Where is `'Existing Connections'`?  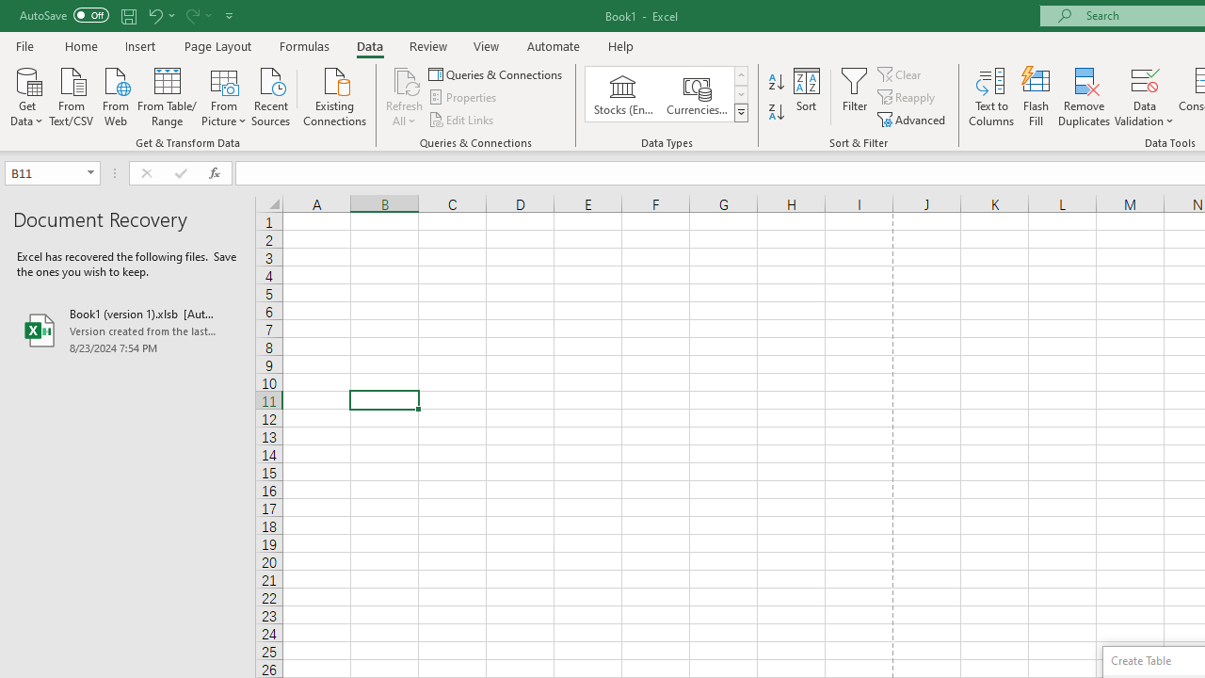 'Existing Connections' is located at coordinates (334, 95).